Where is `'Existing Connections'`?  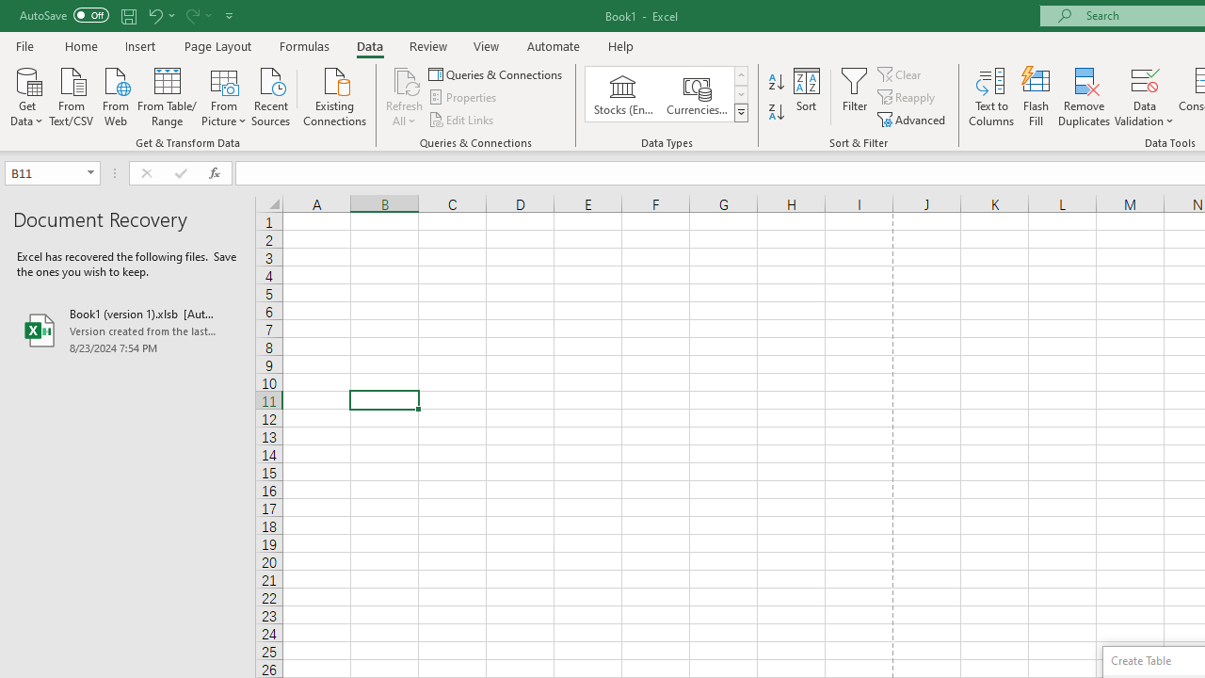 'Existing Connections' is located at coordinates (334, 95).